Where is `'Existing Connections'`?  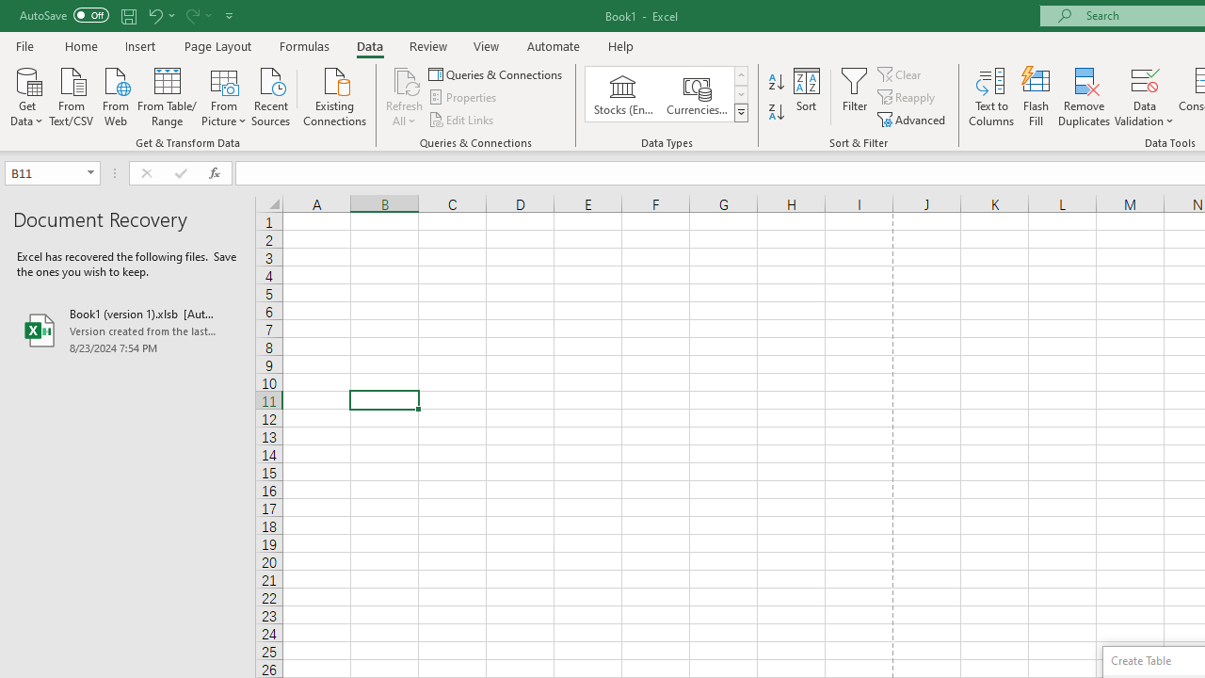 'Existing Connections' is located at coordinates (334, 95).